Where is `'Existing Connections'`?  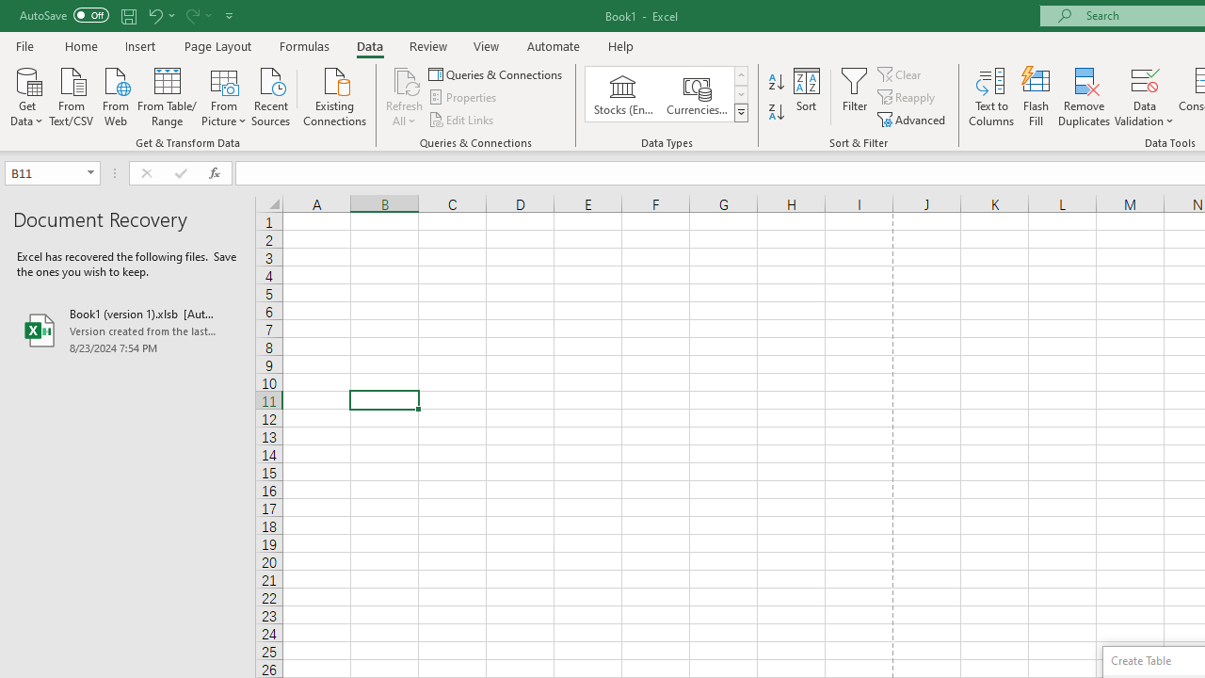 'Existing Connections' is located at coordinates (334, 95).